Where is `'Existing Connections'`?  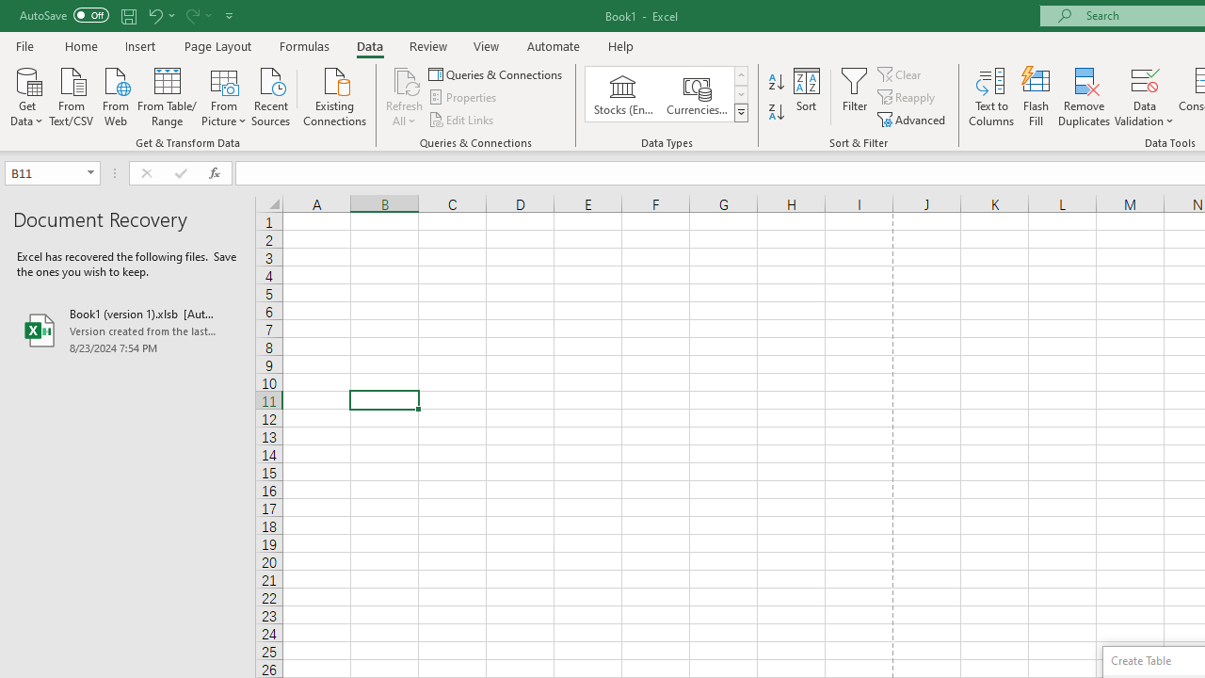 'Existing Connections' is located at coordinates (334, 95).